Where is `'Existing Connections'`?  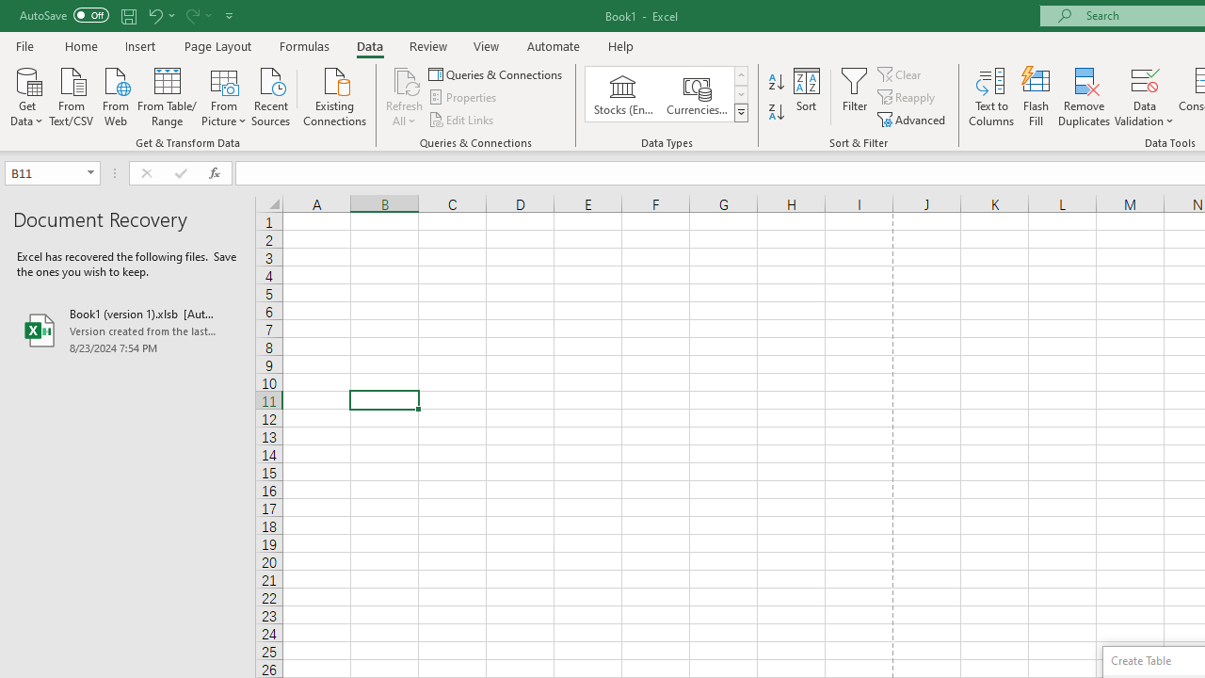 'Existing Connections' is located at coordinates (334, 95).